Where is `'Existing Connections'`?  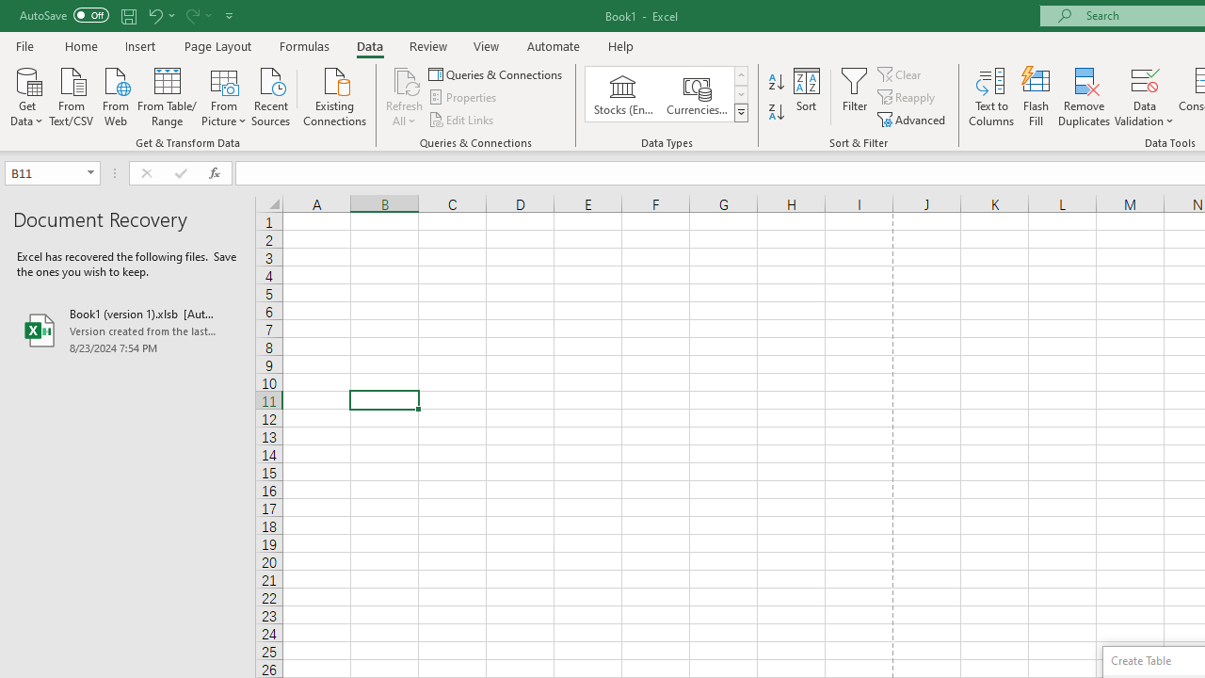 'Existing Connections' is located at coordinates (334, 95).